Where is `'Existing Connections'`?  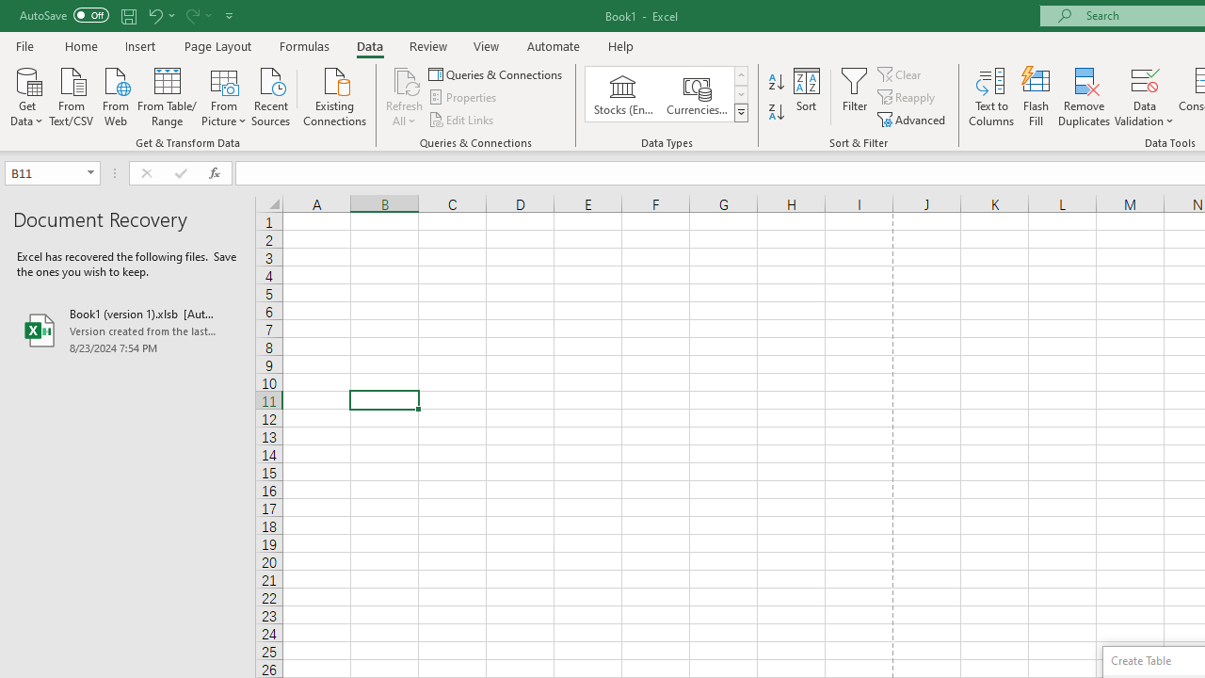 'Existing Connections' is located at coordinates (334, 95).